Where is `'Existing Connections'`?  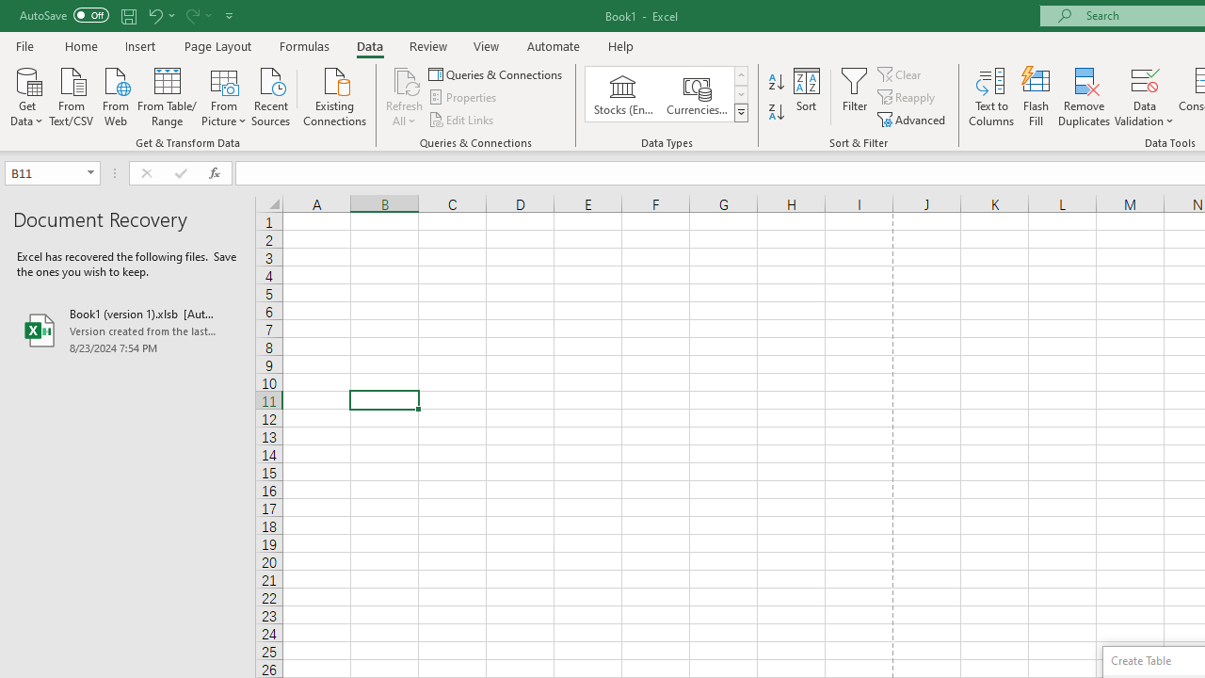 'Existing Connections' is located at coordinates (334, 95).